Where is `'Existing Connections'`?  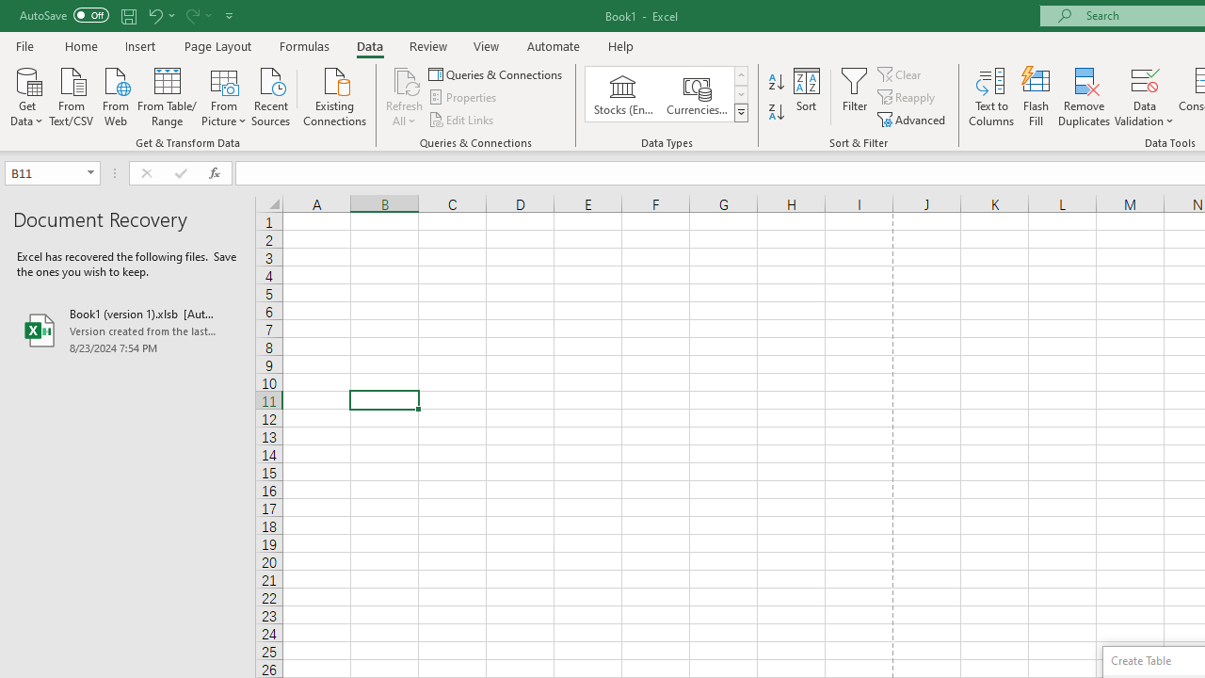 'Existing Connections' is located at coordinates (334, 95).